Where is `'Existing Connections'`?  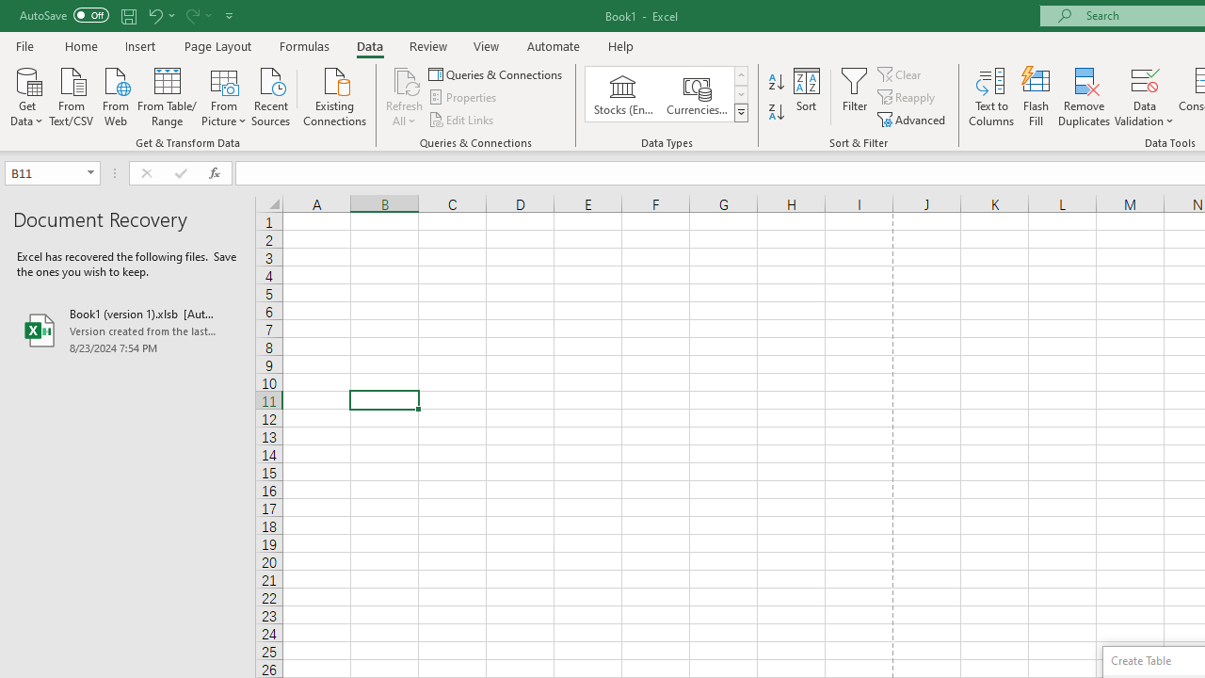 'Existing Connections' is located at coordinates (334, 95).